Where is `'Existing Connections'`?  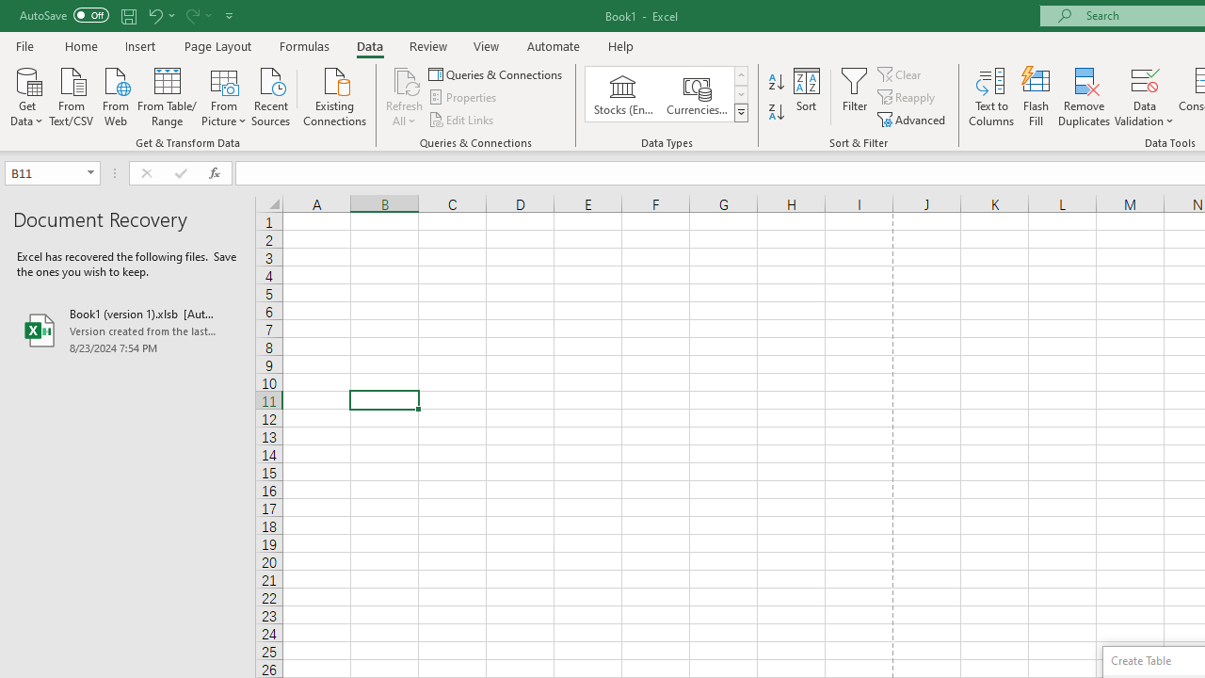 'Existing Connections' is located at coordinates (334, 95).